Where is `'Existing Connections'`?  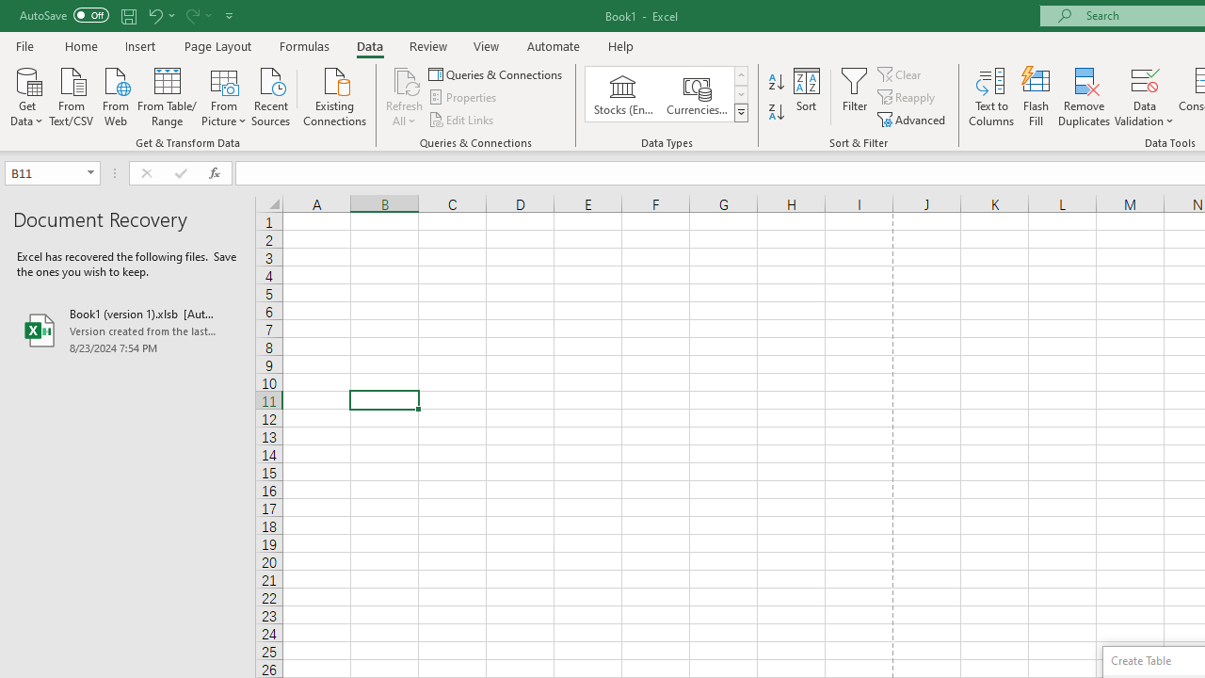 'Existing Connections' is located at coordinates (334, 95).